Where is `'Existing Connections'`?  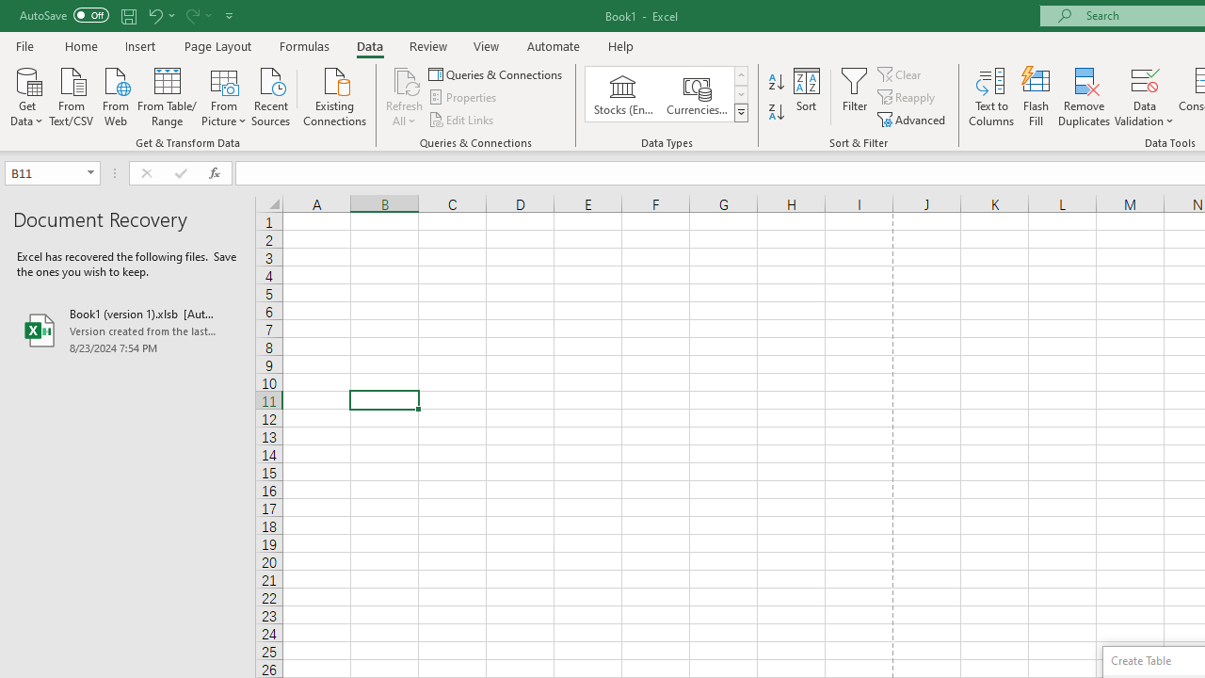 'Existing Connections' is located at coordinates (334, 95).